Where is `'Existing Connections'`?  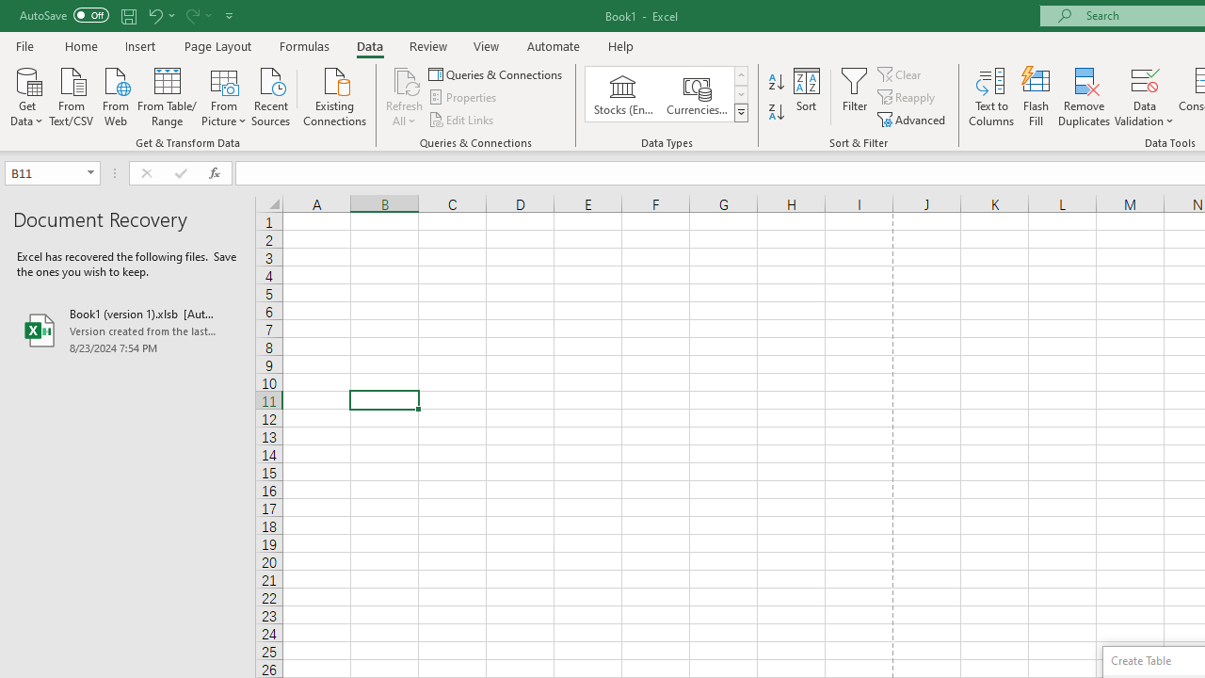 'Existing Connections' is located at coordinates (334, 95).